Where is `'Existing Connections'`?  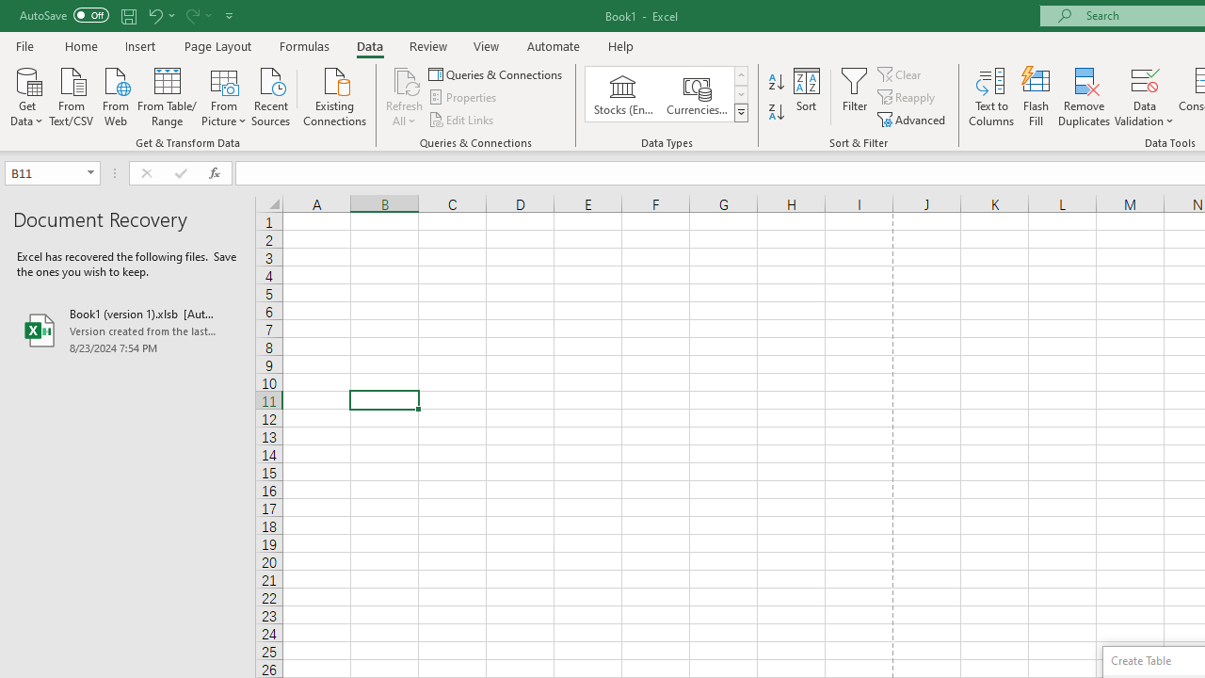 'Existing Connections' is located at coordinates (334, 95).